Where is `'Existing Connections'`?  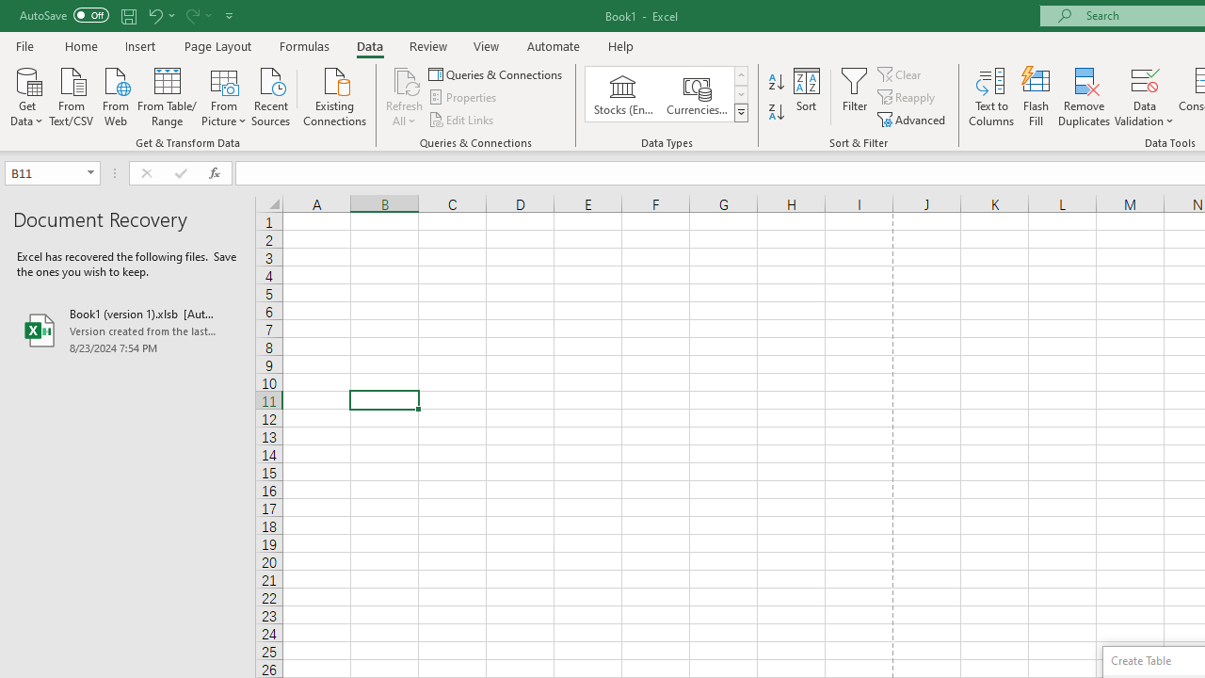 'Existing Connections' is located at coordinates (334, 95).